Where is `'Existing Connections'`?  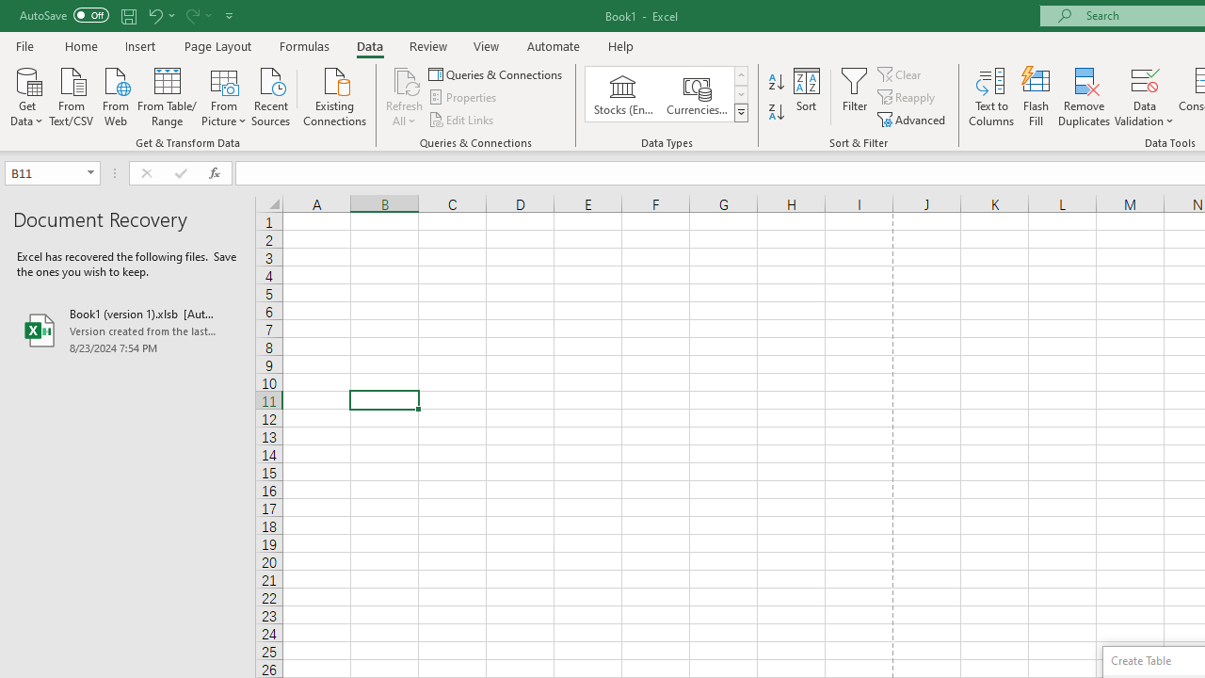 'Existing Connections' is located at coordinates (334, 95).